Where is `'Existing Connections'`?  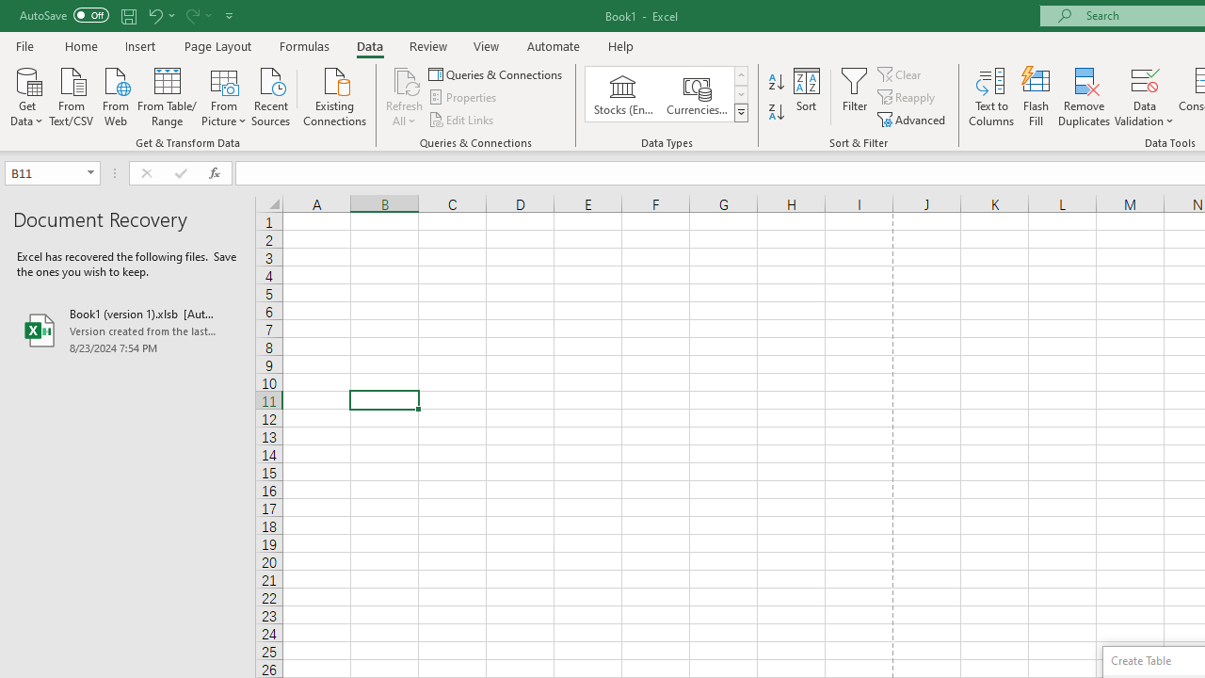 'Existing Connections' is located at coordinates (334, 95).